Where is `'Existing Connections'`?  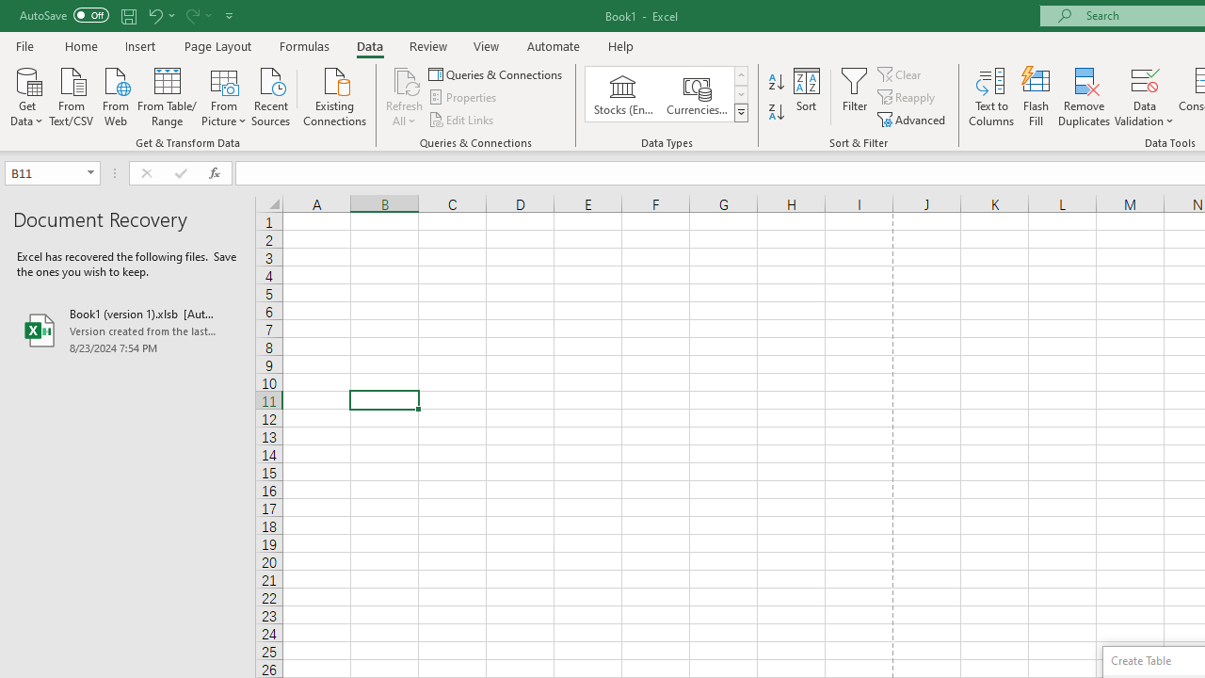 'Existing Connections' is located at coordinates (334, 95).